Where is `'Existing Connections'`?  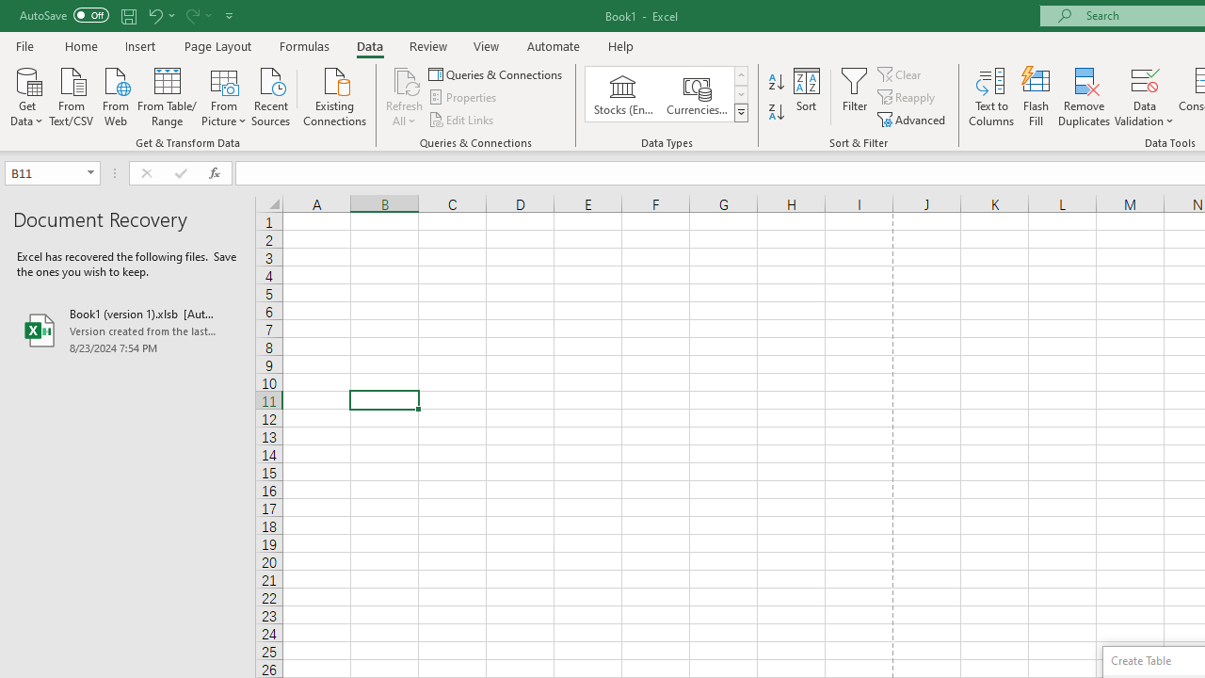 'Existing Connections' is located at coordinates (334, 95).